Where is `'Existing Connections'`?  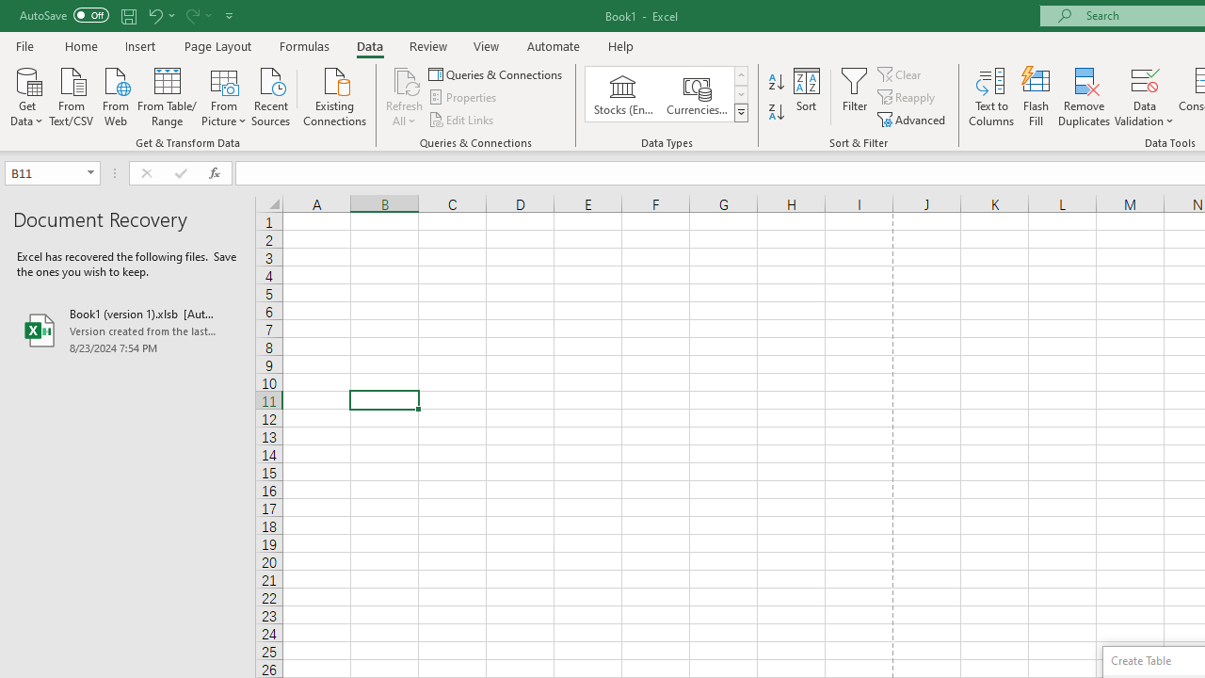 'Existing Connections' is located at coordinates (334, 95).